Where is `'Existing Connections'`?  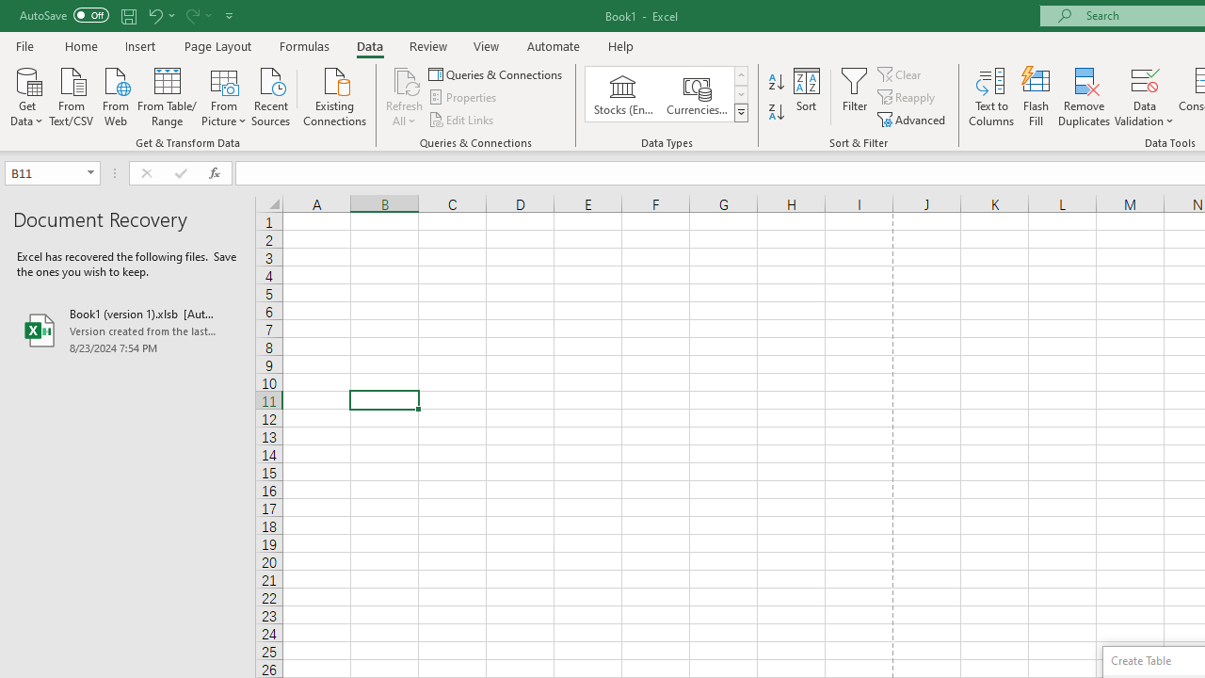 'Existing Connections' is located at coordinates (334, 95).